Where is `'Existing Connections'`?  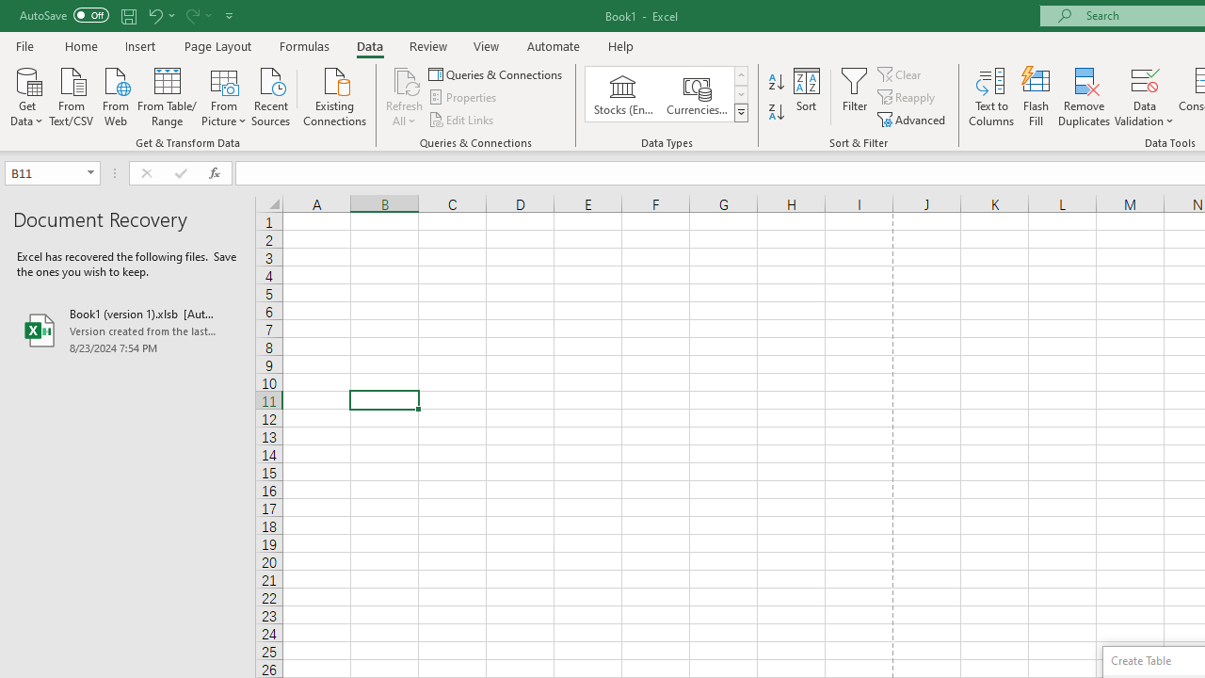 'Existing Connections' is located at coordinates (334, 95).